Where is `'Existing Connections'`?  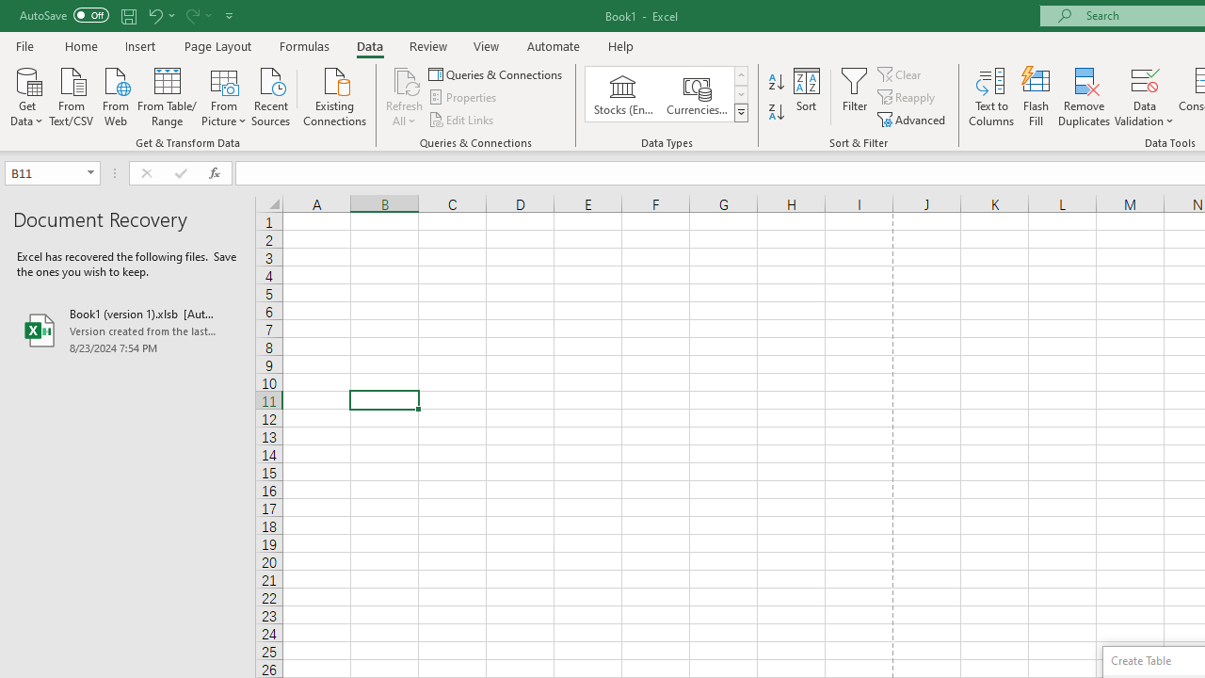 'Existing Connections' is located at coordinates (334, 95).